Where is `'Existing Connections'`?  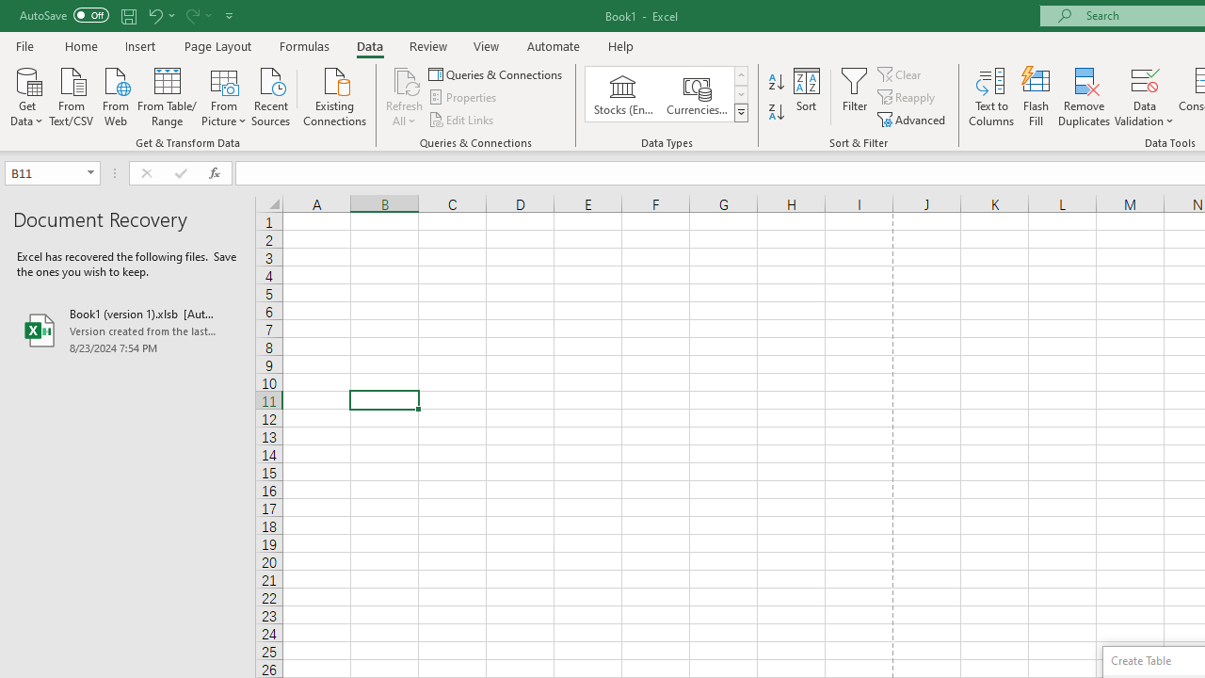 'Existing Connections' is located at coordinates (334, 95).